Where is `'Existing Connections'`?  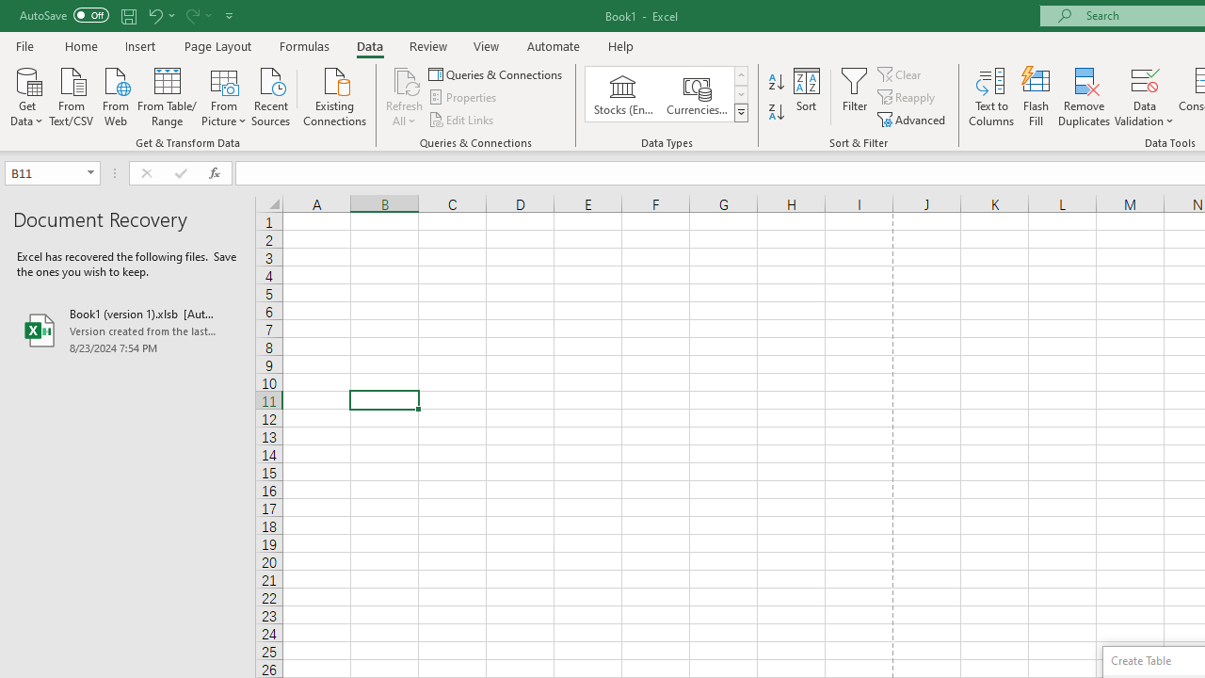 'Existing Connections' is located at coordinates (334, 95).